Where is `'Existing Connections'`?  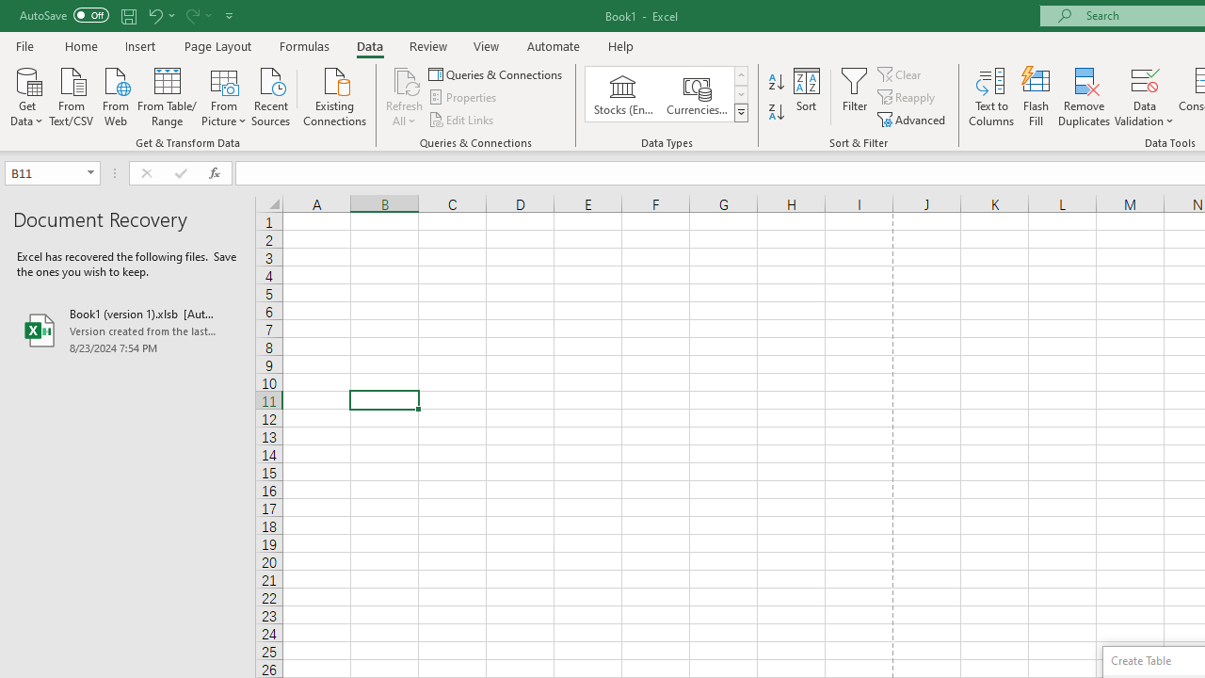 'Existing Connections' is located at coordinates (334, 95).